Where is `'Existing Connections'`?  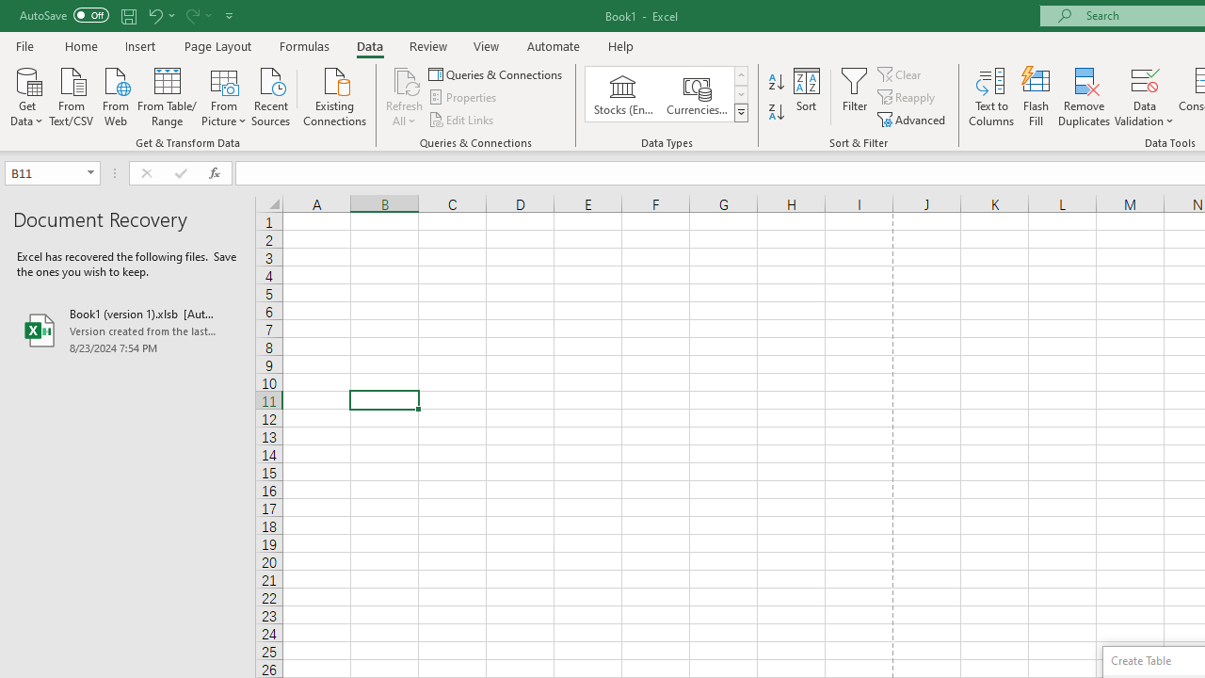 'Existing Connections' is located at coordinates (334, 95).